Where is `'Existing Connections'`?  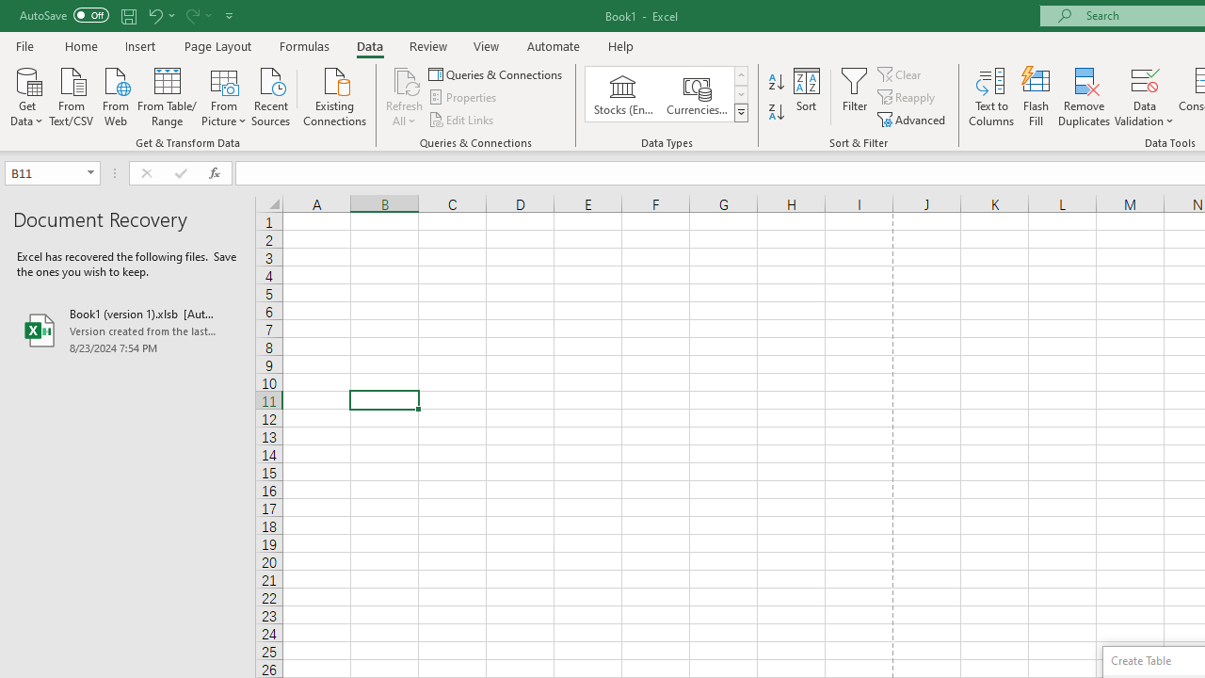 'Existing Connections' is located at coordinates (334, 95).